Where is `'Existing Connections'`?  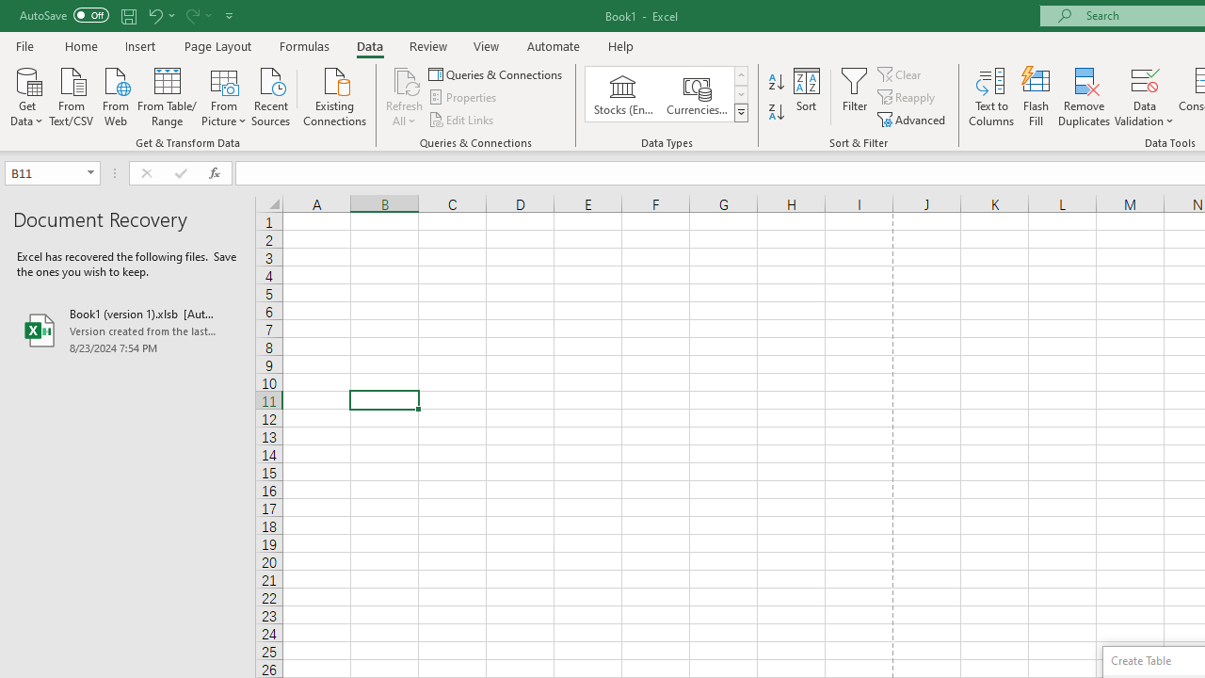 'Existing Connections' is located at coordinates (334, 95).